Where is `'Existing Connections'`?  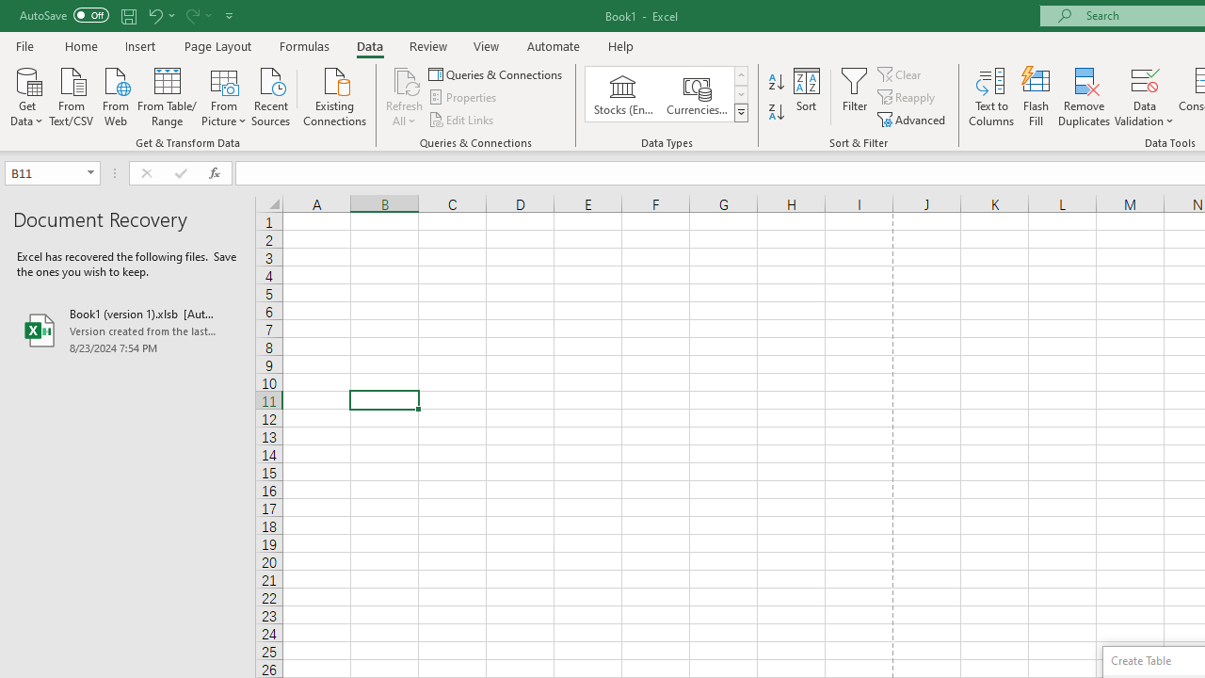 'Existing Connections' is located at coordinates (334, 95).